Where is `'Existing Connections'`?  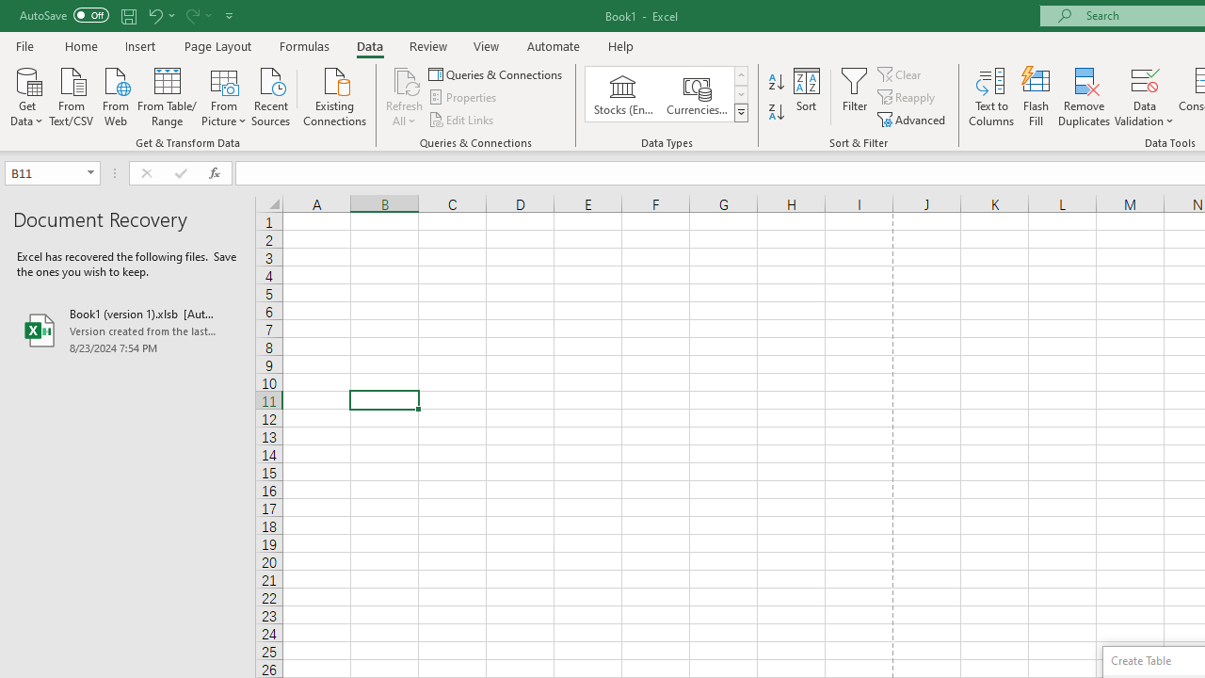 'Existing Connections' is located at coordinates (334, 95).